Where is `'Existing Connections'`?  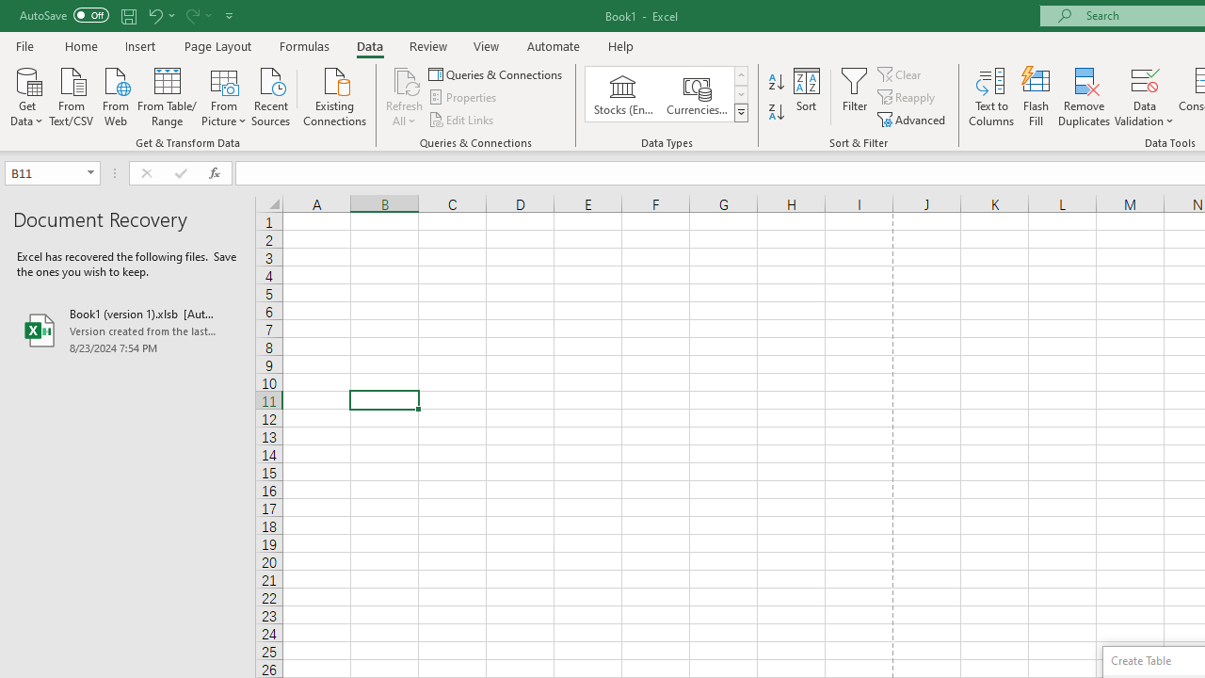 'Existing Connections' is located at coordinates (334, 95).